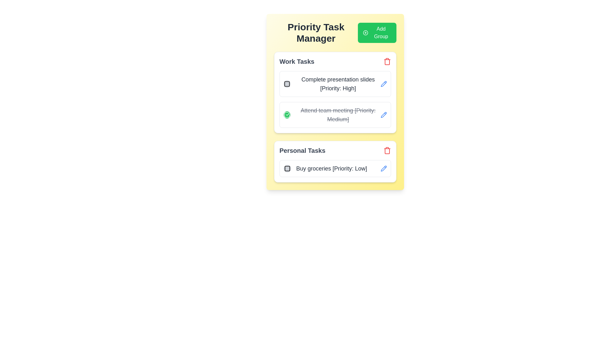  What do you see at coordinates (335, 168) in the screenshot?
I see `the task item labeled 'Buy groceries [Priority: Low]' located at the top of the 'Personal Tasks' section` at bounding box center [335, 168].